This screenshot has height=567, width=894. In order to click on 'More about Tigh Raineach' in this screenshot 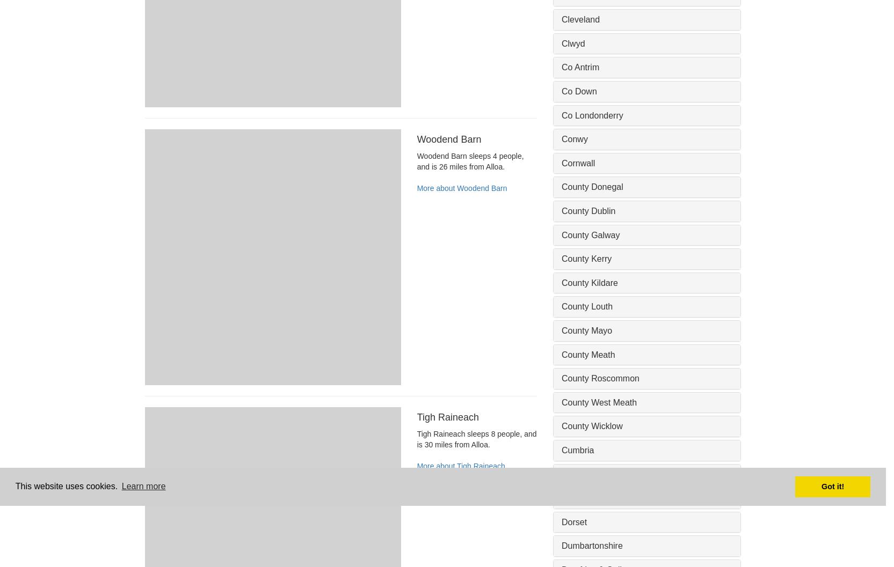, I will do `click(460, 465)`.